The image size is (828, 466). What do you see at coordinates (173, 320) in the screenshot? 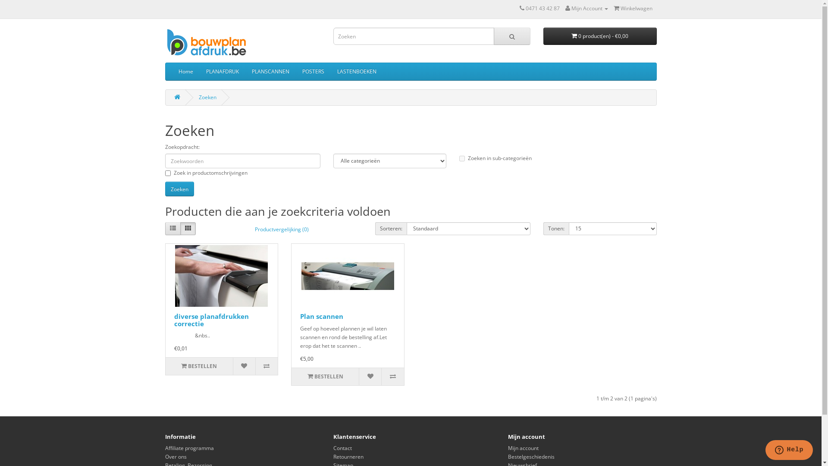
I see `'diverse planafdrukken correctie'` at bounding box center [173, 320].